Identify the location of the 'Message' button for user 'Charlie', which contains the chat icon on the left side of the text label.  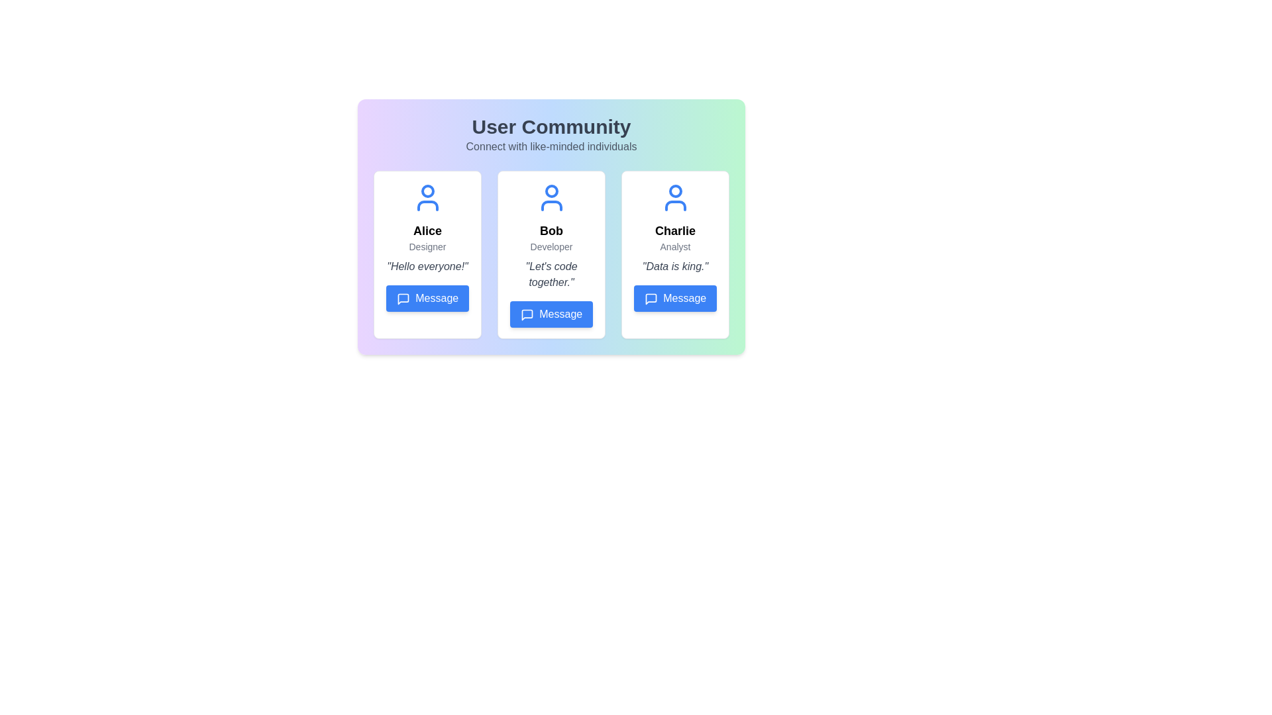
(651, 299).